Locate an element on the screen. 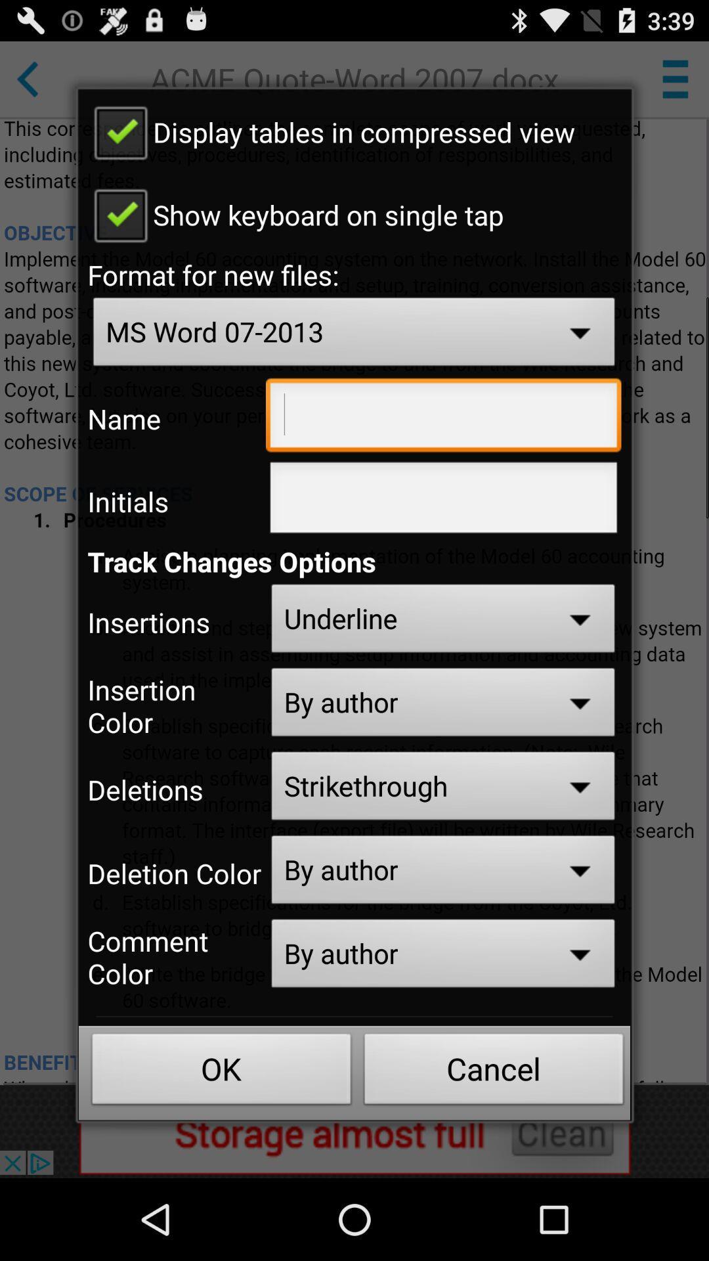 Image resolution: width=709 pixels, height=1261 pixels. the name box is located at coordinates (443, 418).